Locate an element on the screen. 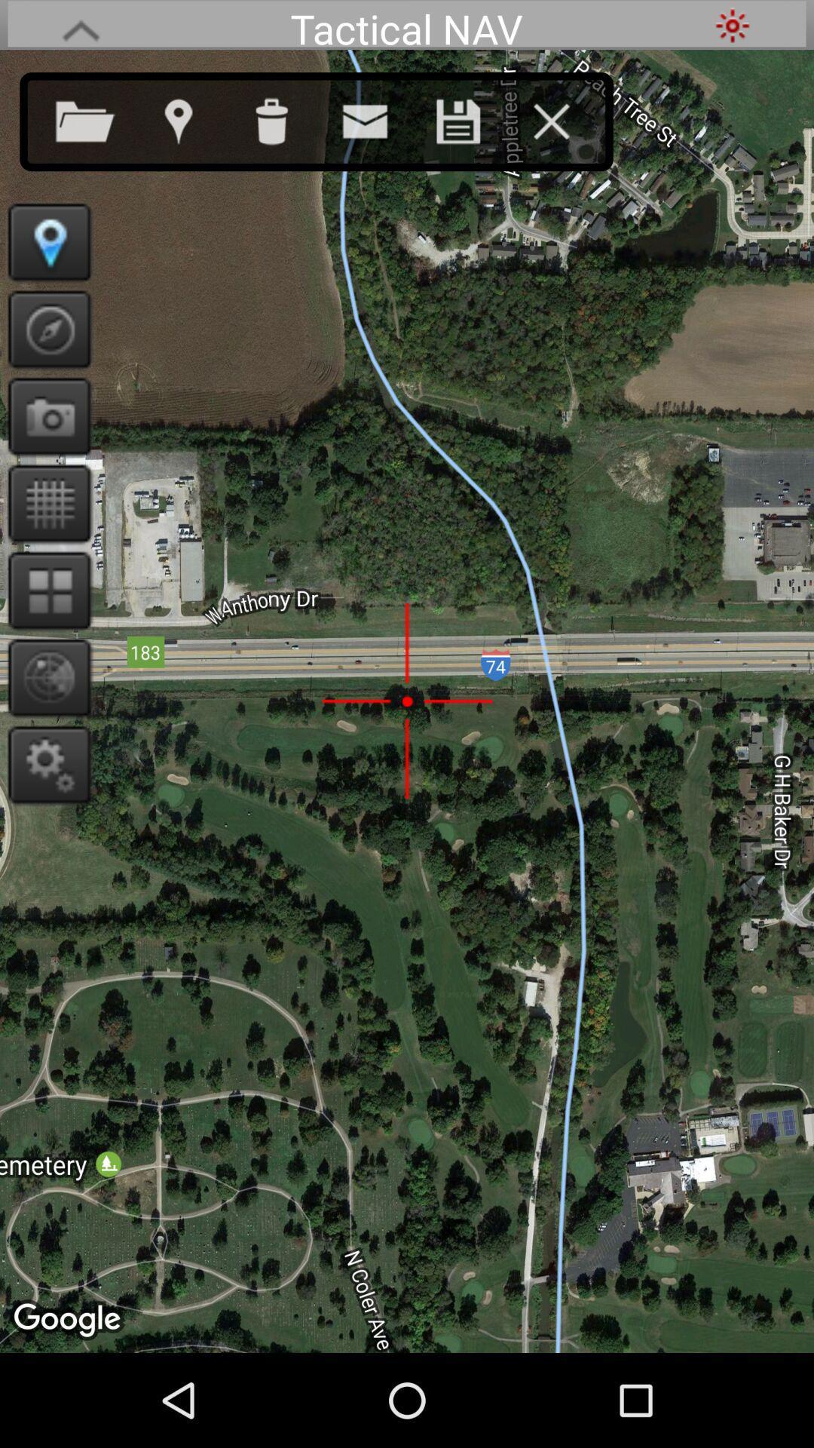  search closely is located at coordinates (44, 676).